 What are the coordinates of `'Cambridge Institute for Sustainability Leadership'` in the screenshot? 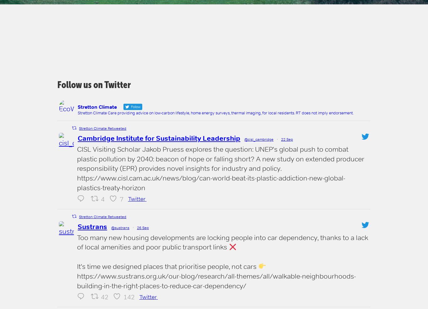 It's located at (159, 138).